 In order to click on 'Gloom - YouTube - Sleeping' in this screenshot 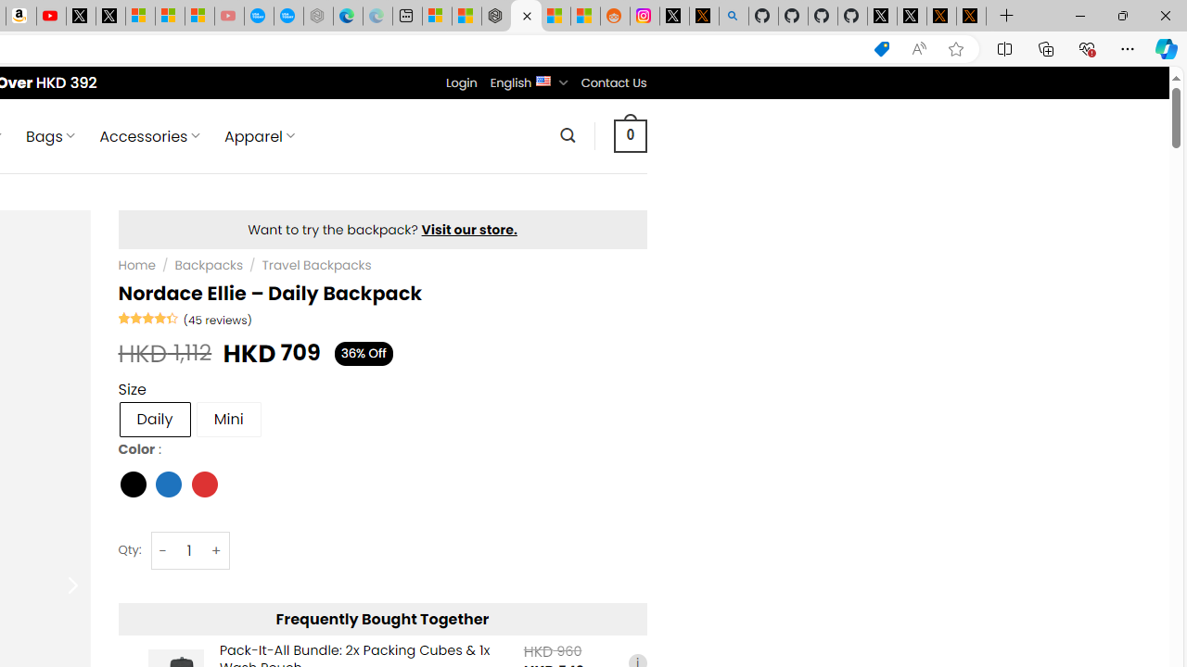, I will do `click(228, 16)`.